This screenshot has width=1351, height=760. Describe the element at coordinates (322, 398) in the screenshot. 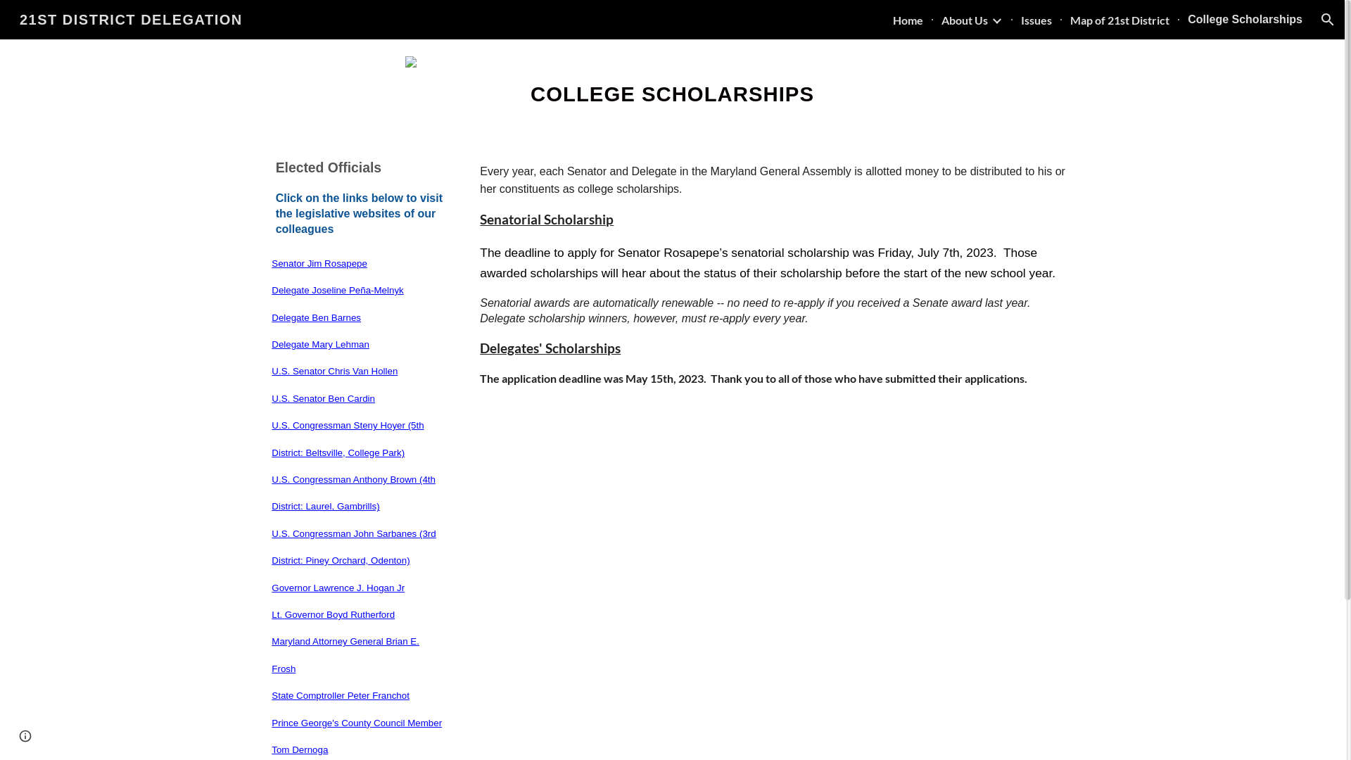

I see `'U.S. Senator Ben Cardin'` at that location.